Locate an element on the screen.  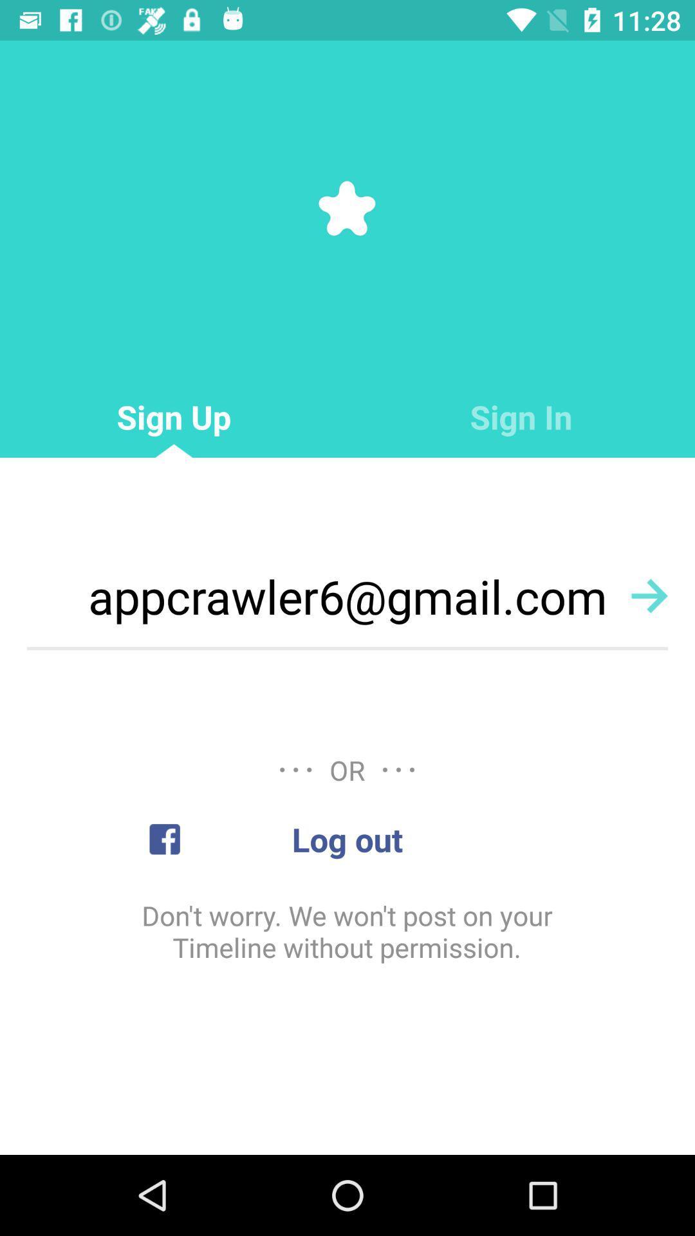
the item to the right of sign up item is located at coordinates (521, 417).